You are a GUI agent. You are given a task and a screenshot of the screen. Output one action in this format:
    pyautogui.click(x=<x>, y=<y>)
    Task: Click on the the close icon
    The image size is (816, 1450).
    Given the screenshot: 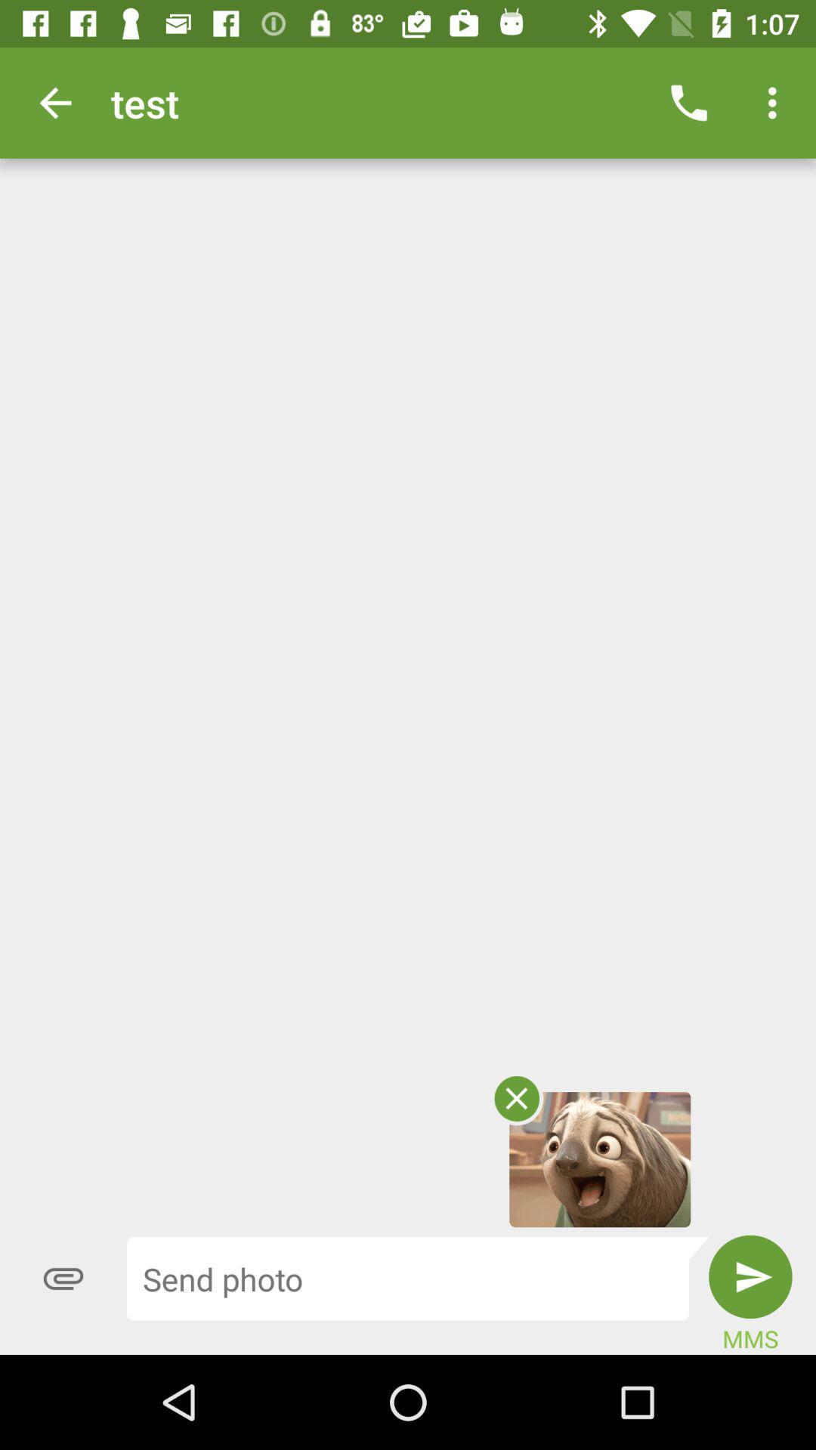 What is the action you would take?
    pyautogui.click(x=515, y=1098)
    